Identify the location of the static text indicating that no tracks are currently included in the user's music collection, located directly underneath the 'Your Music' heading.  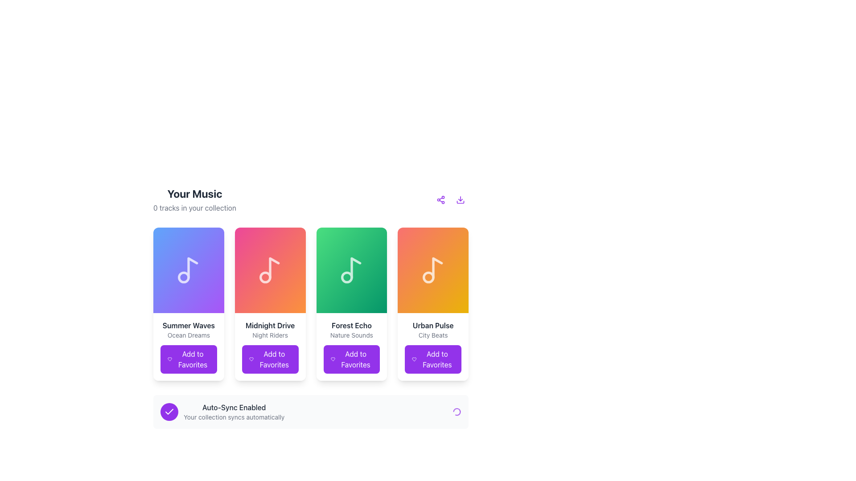
(194, 208).